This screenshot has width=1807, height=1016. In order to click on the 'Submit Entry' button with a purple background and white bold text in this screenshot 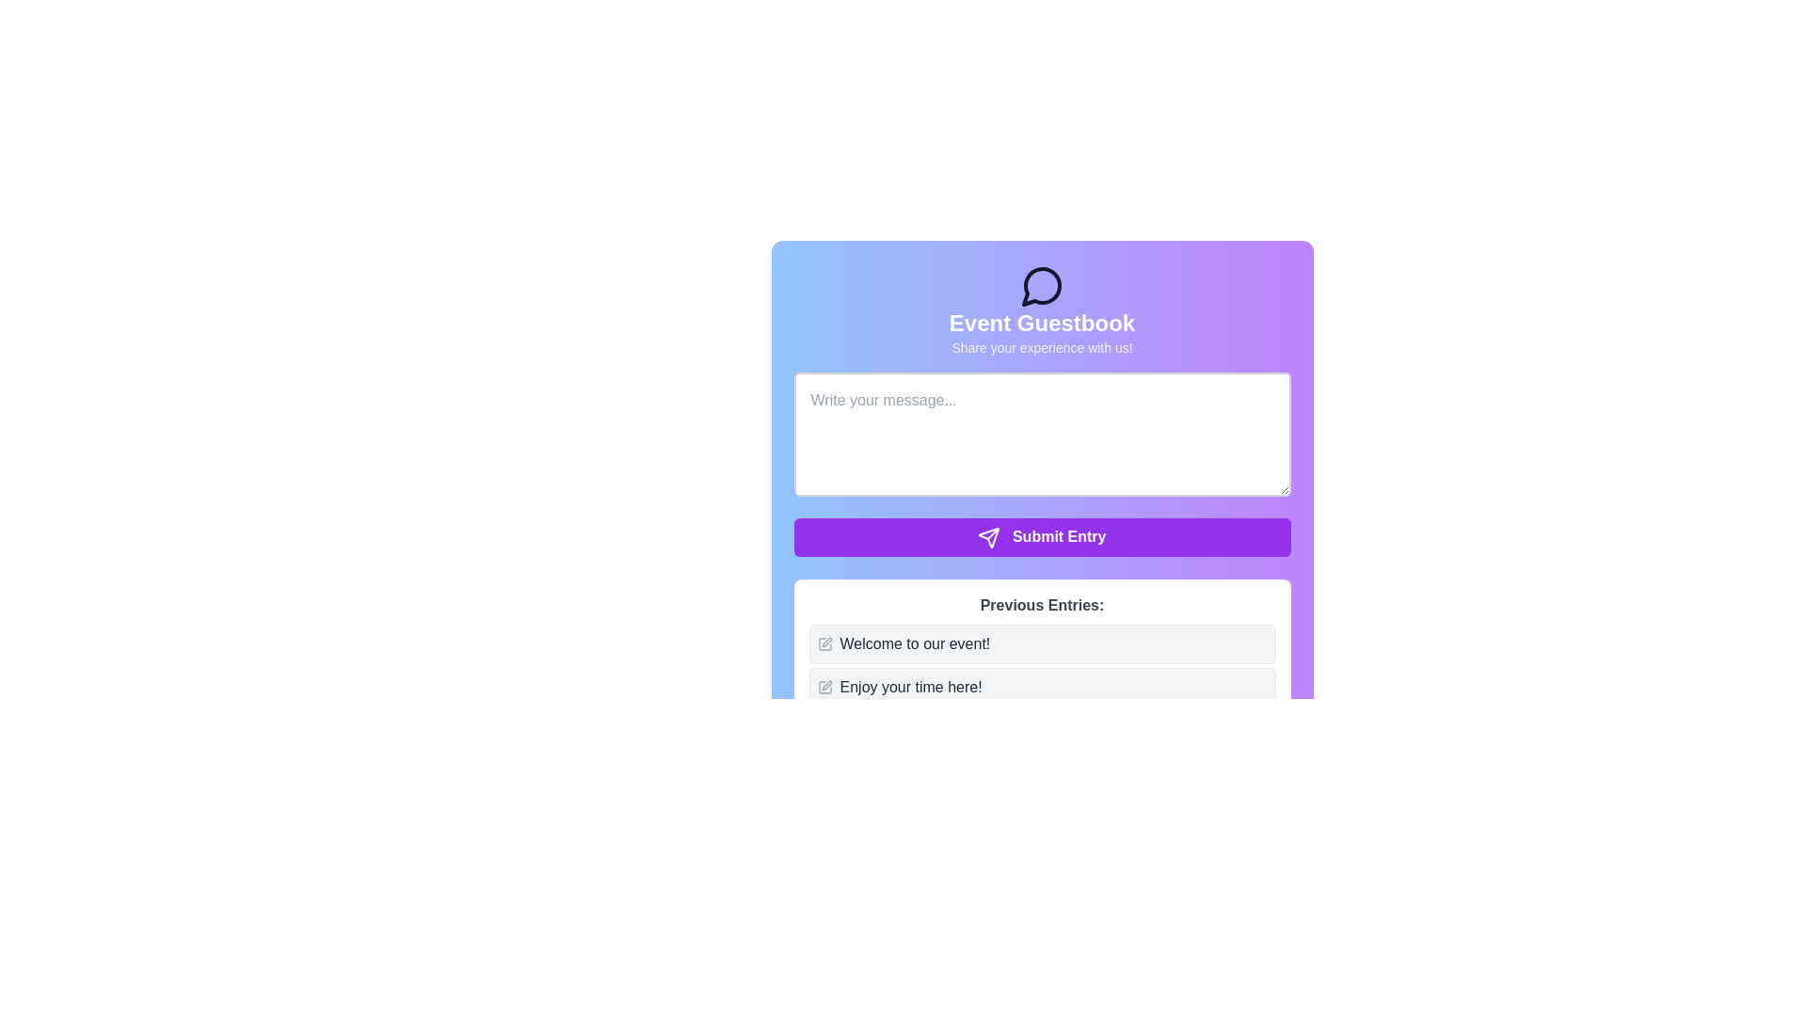, I will do `click(1041, 537)`.